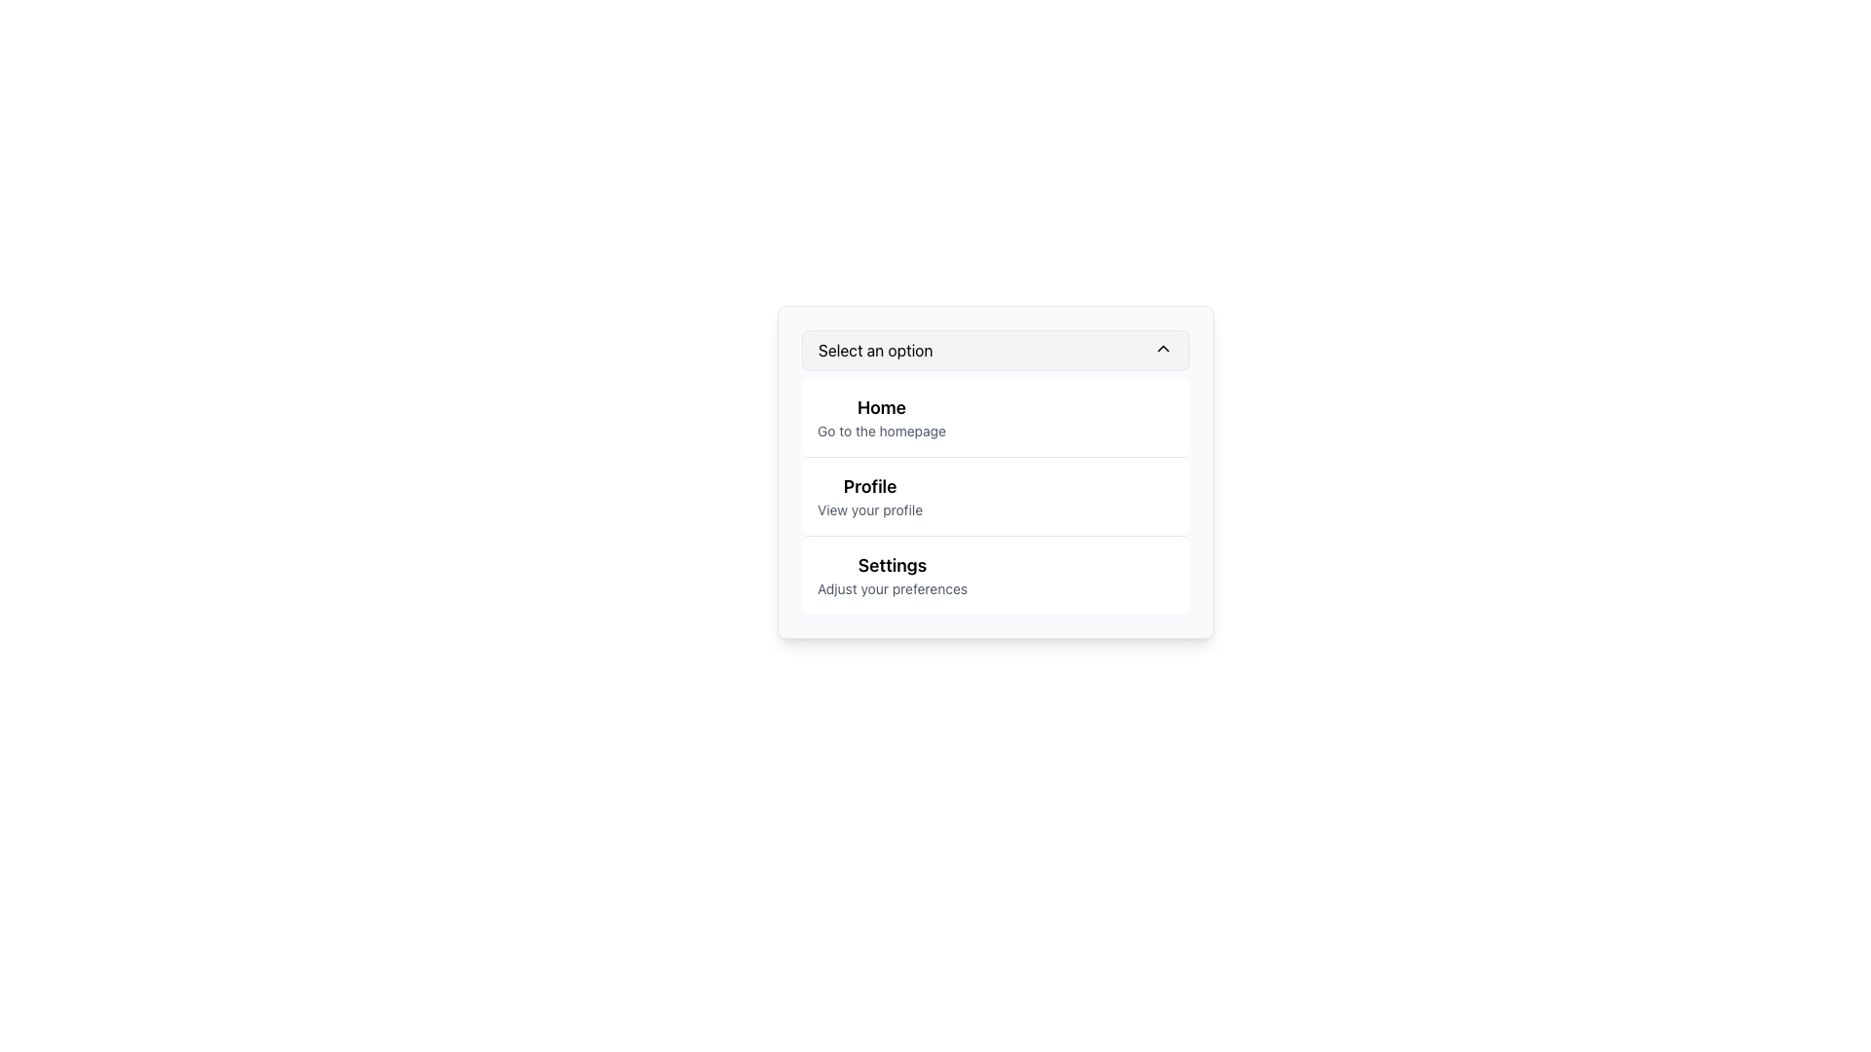  What do you see at coordinates (880, 407) in the screenshot?
I see `the text label indicating the menu option that returns users to the homepage, located under the header 'Select an option'` at bounding box center [880, 407].